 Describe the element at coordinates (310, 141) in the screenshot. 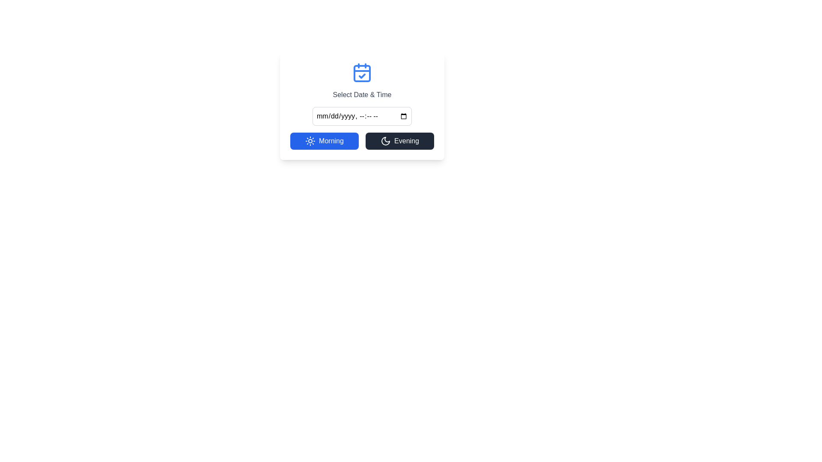

I see `the sun-shaped icon representing the 'Morning' selection option in the date and time picker located to the left of the text 'Morning' within the blue button` at that location.